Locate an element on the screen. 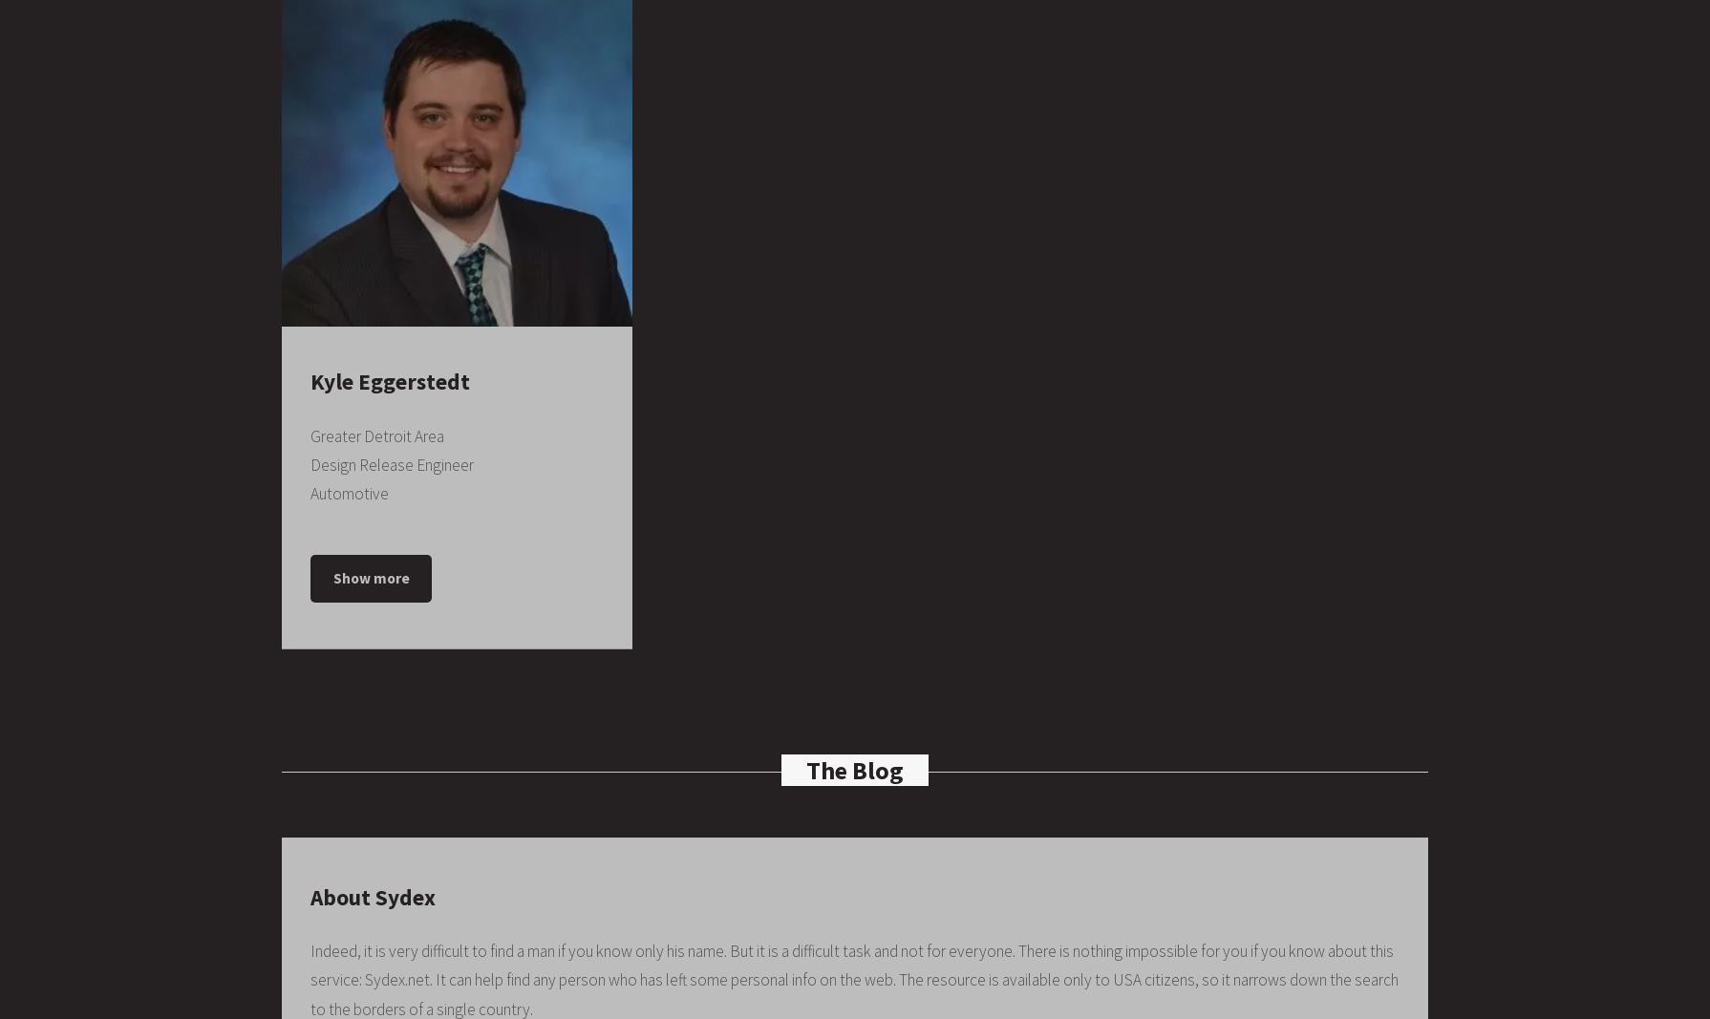 This screenshot has width=1710, height=1019. '1989 – 1993' is located at coordinates (494, 323).